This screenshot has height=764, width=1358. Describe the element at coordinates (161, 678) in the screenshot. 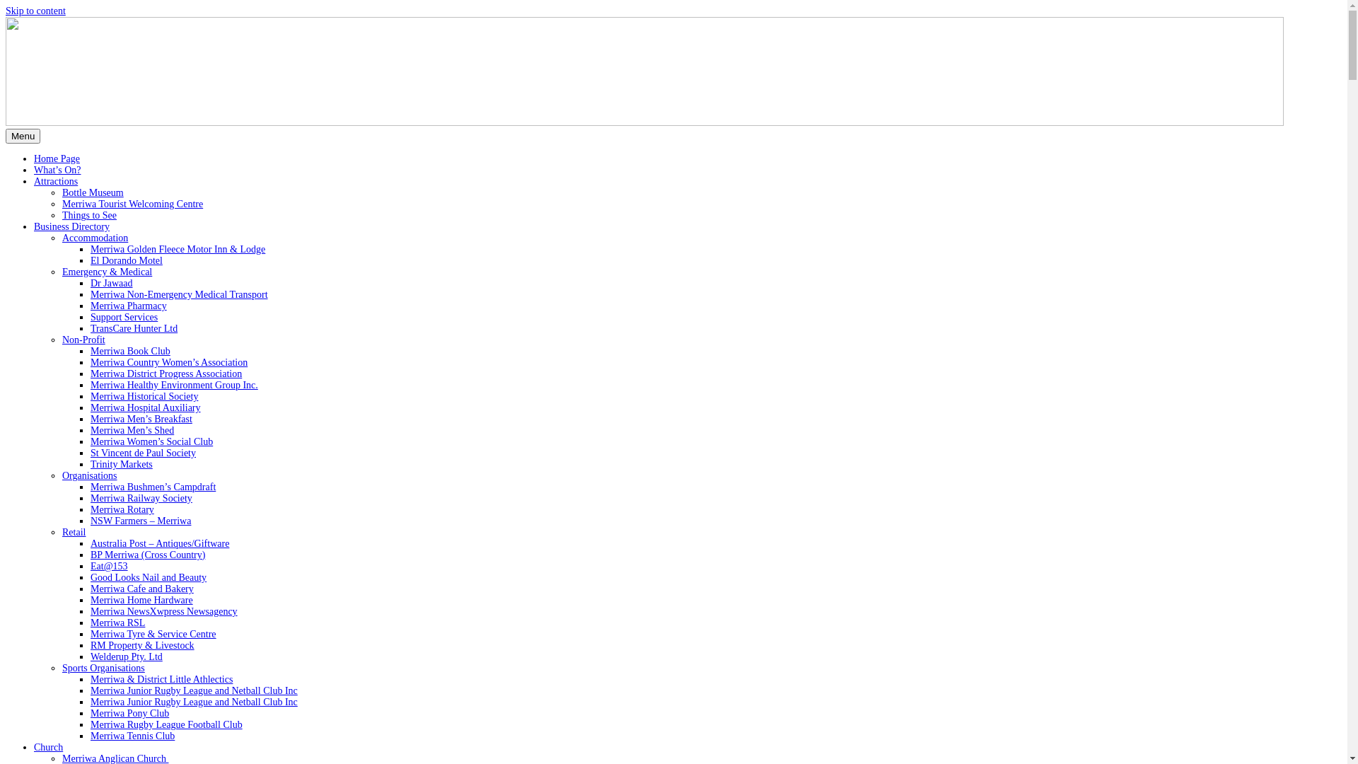

I see `'Merriwa & District Little Athlectics'` at that location.